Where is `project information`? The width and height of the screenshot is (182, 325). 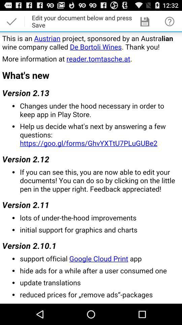 project information is located at coordinates (91, 167).